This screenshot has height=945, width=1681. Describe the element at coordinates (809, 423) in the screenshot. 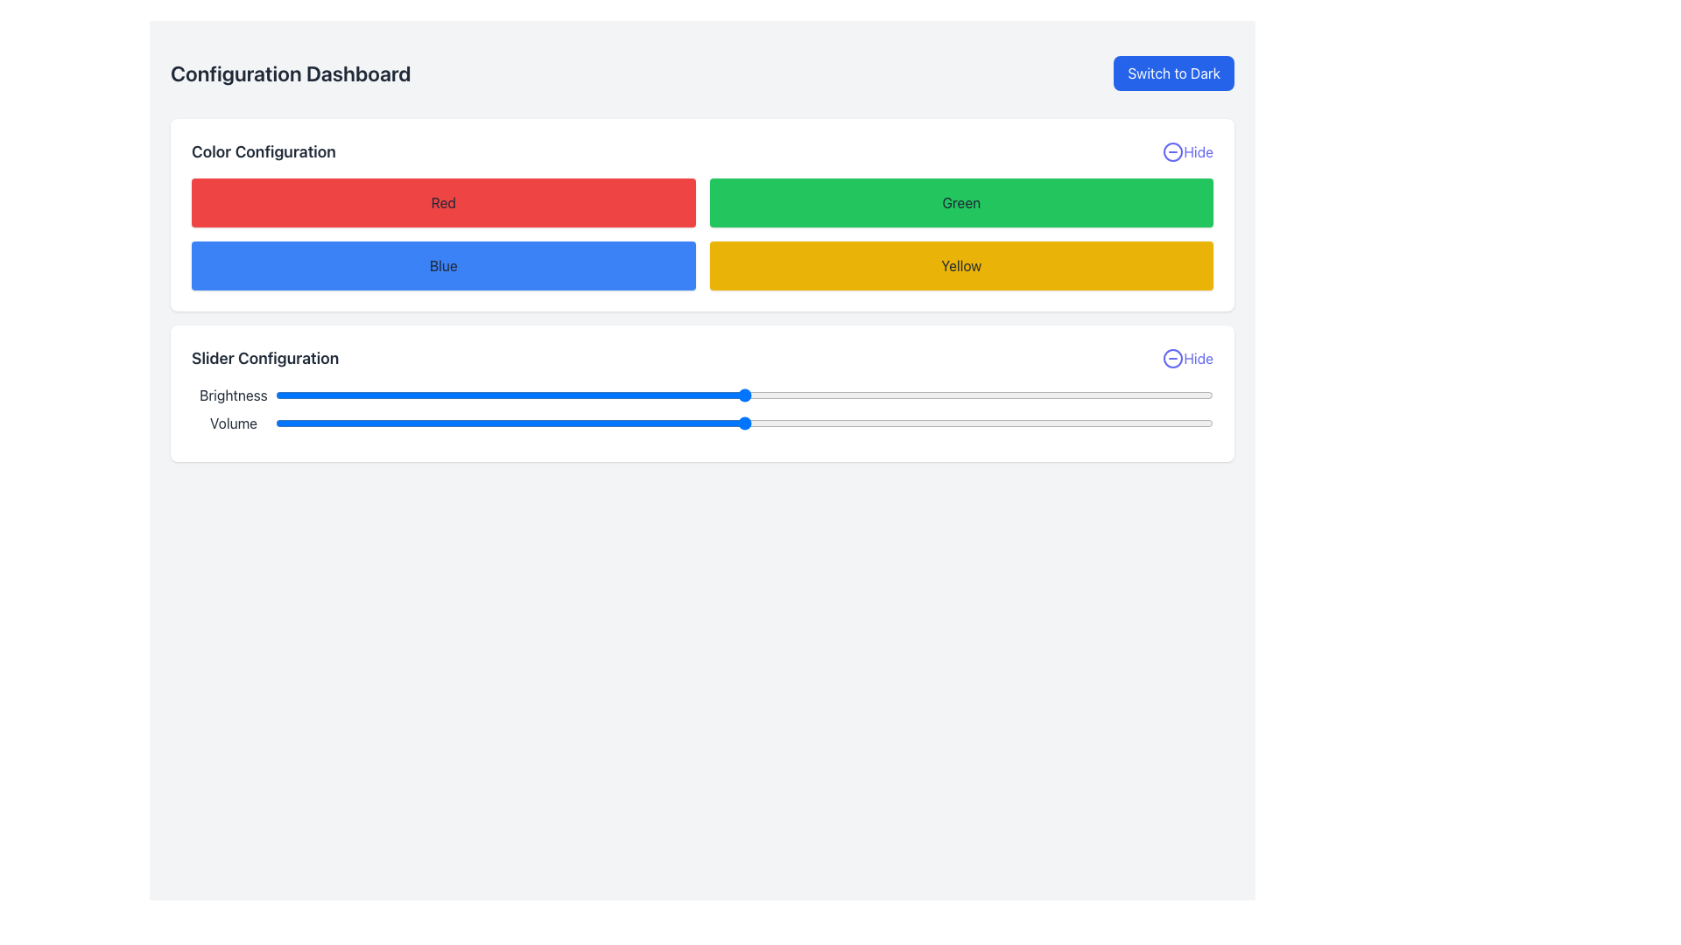

I see `the slider value` at that location.